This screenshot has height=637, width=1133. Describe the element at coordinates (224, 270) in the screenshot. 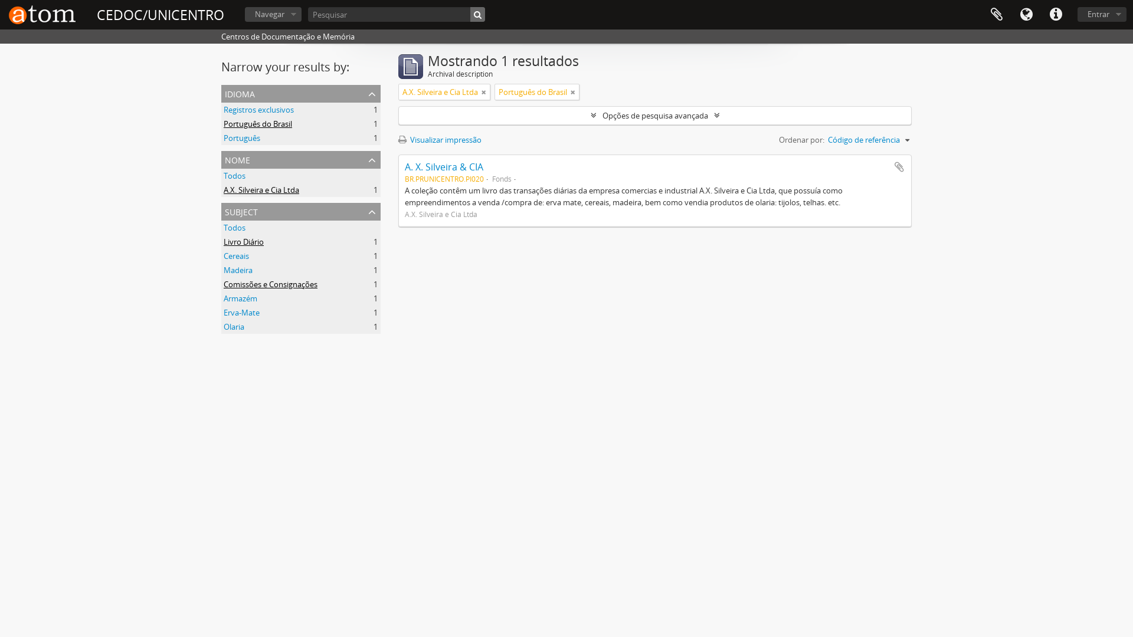

I see `'Madeira'` at that location.